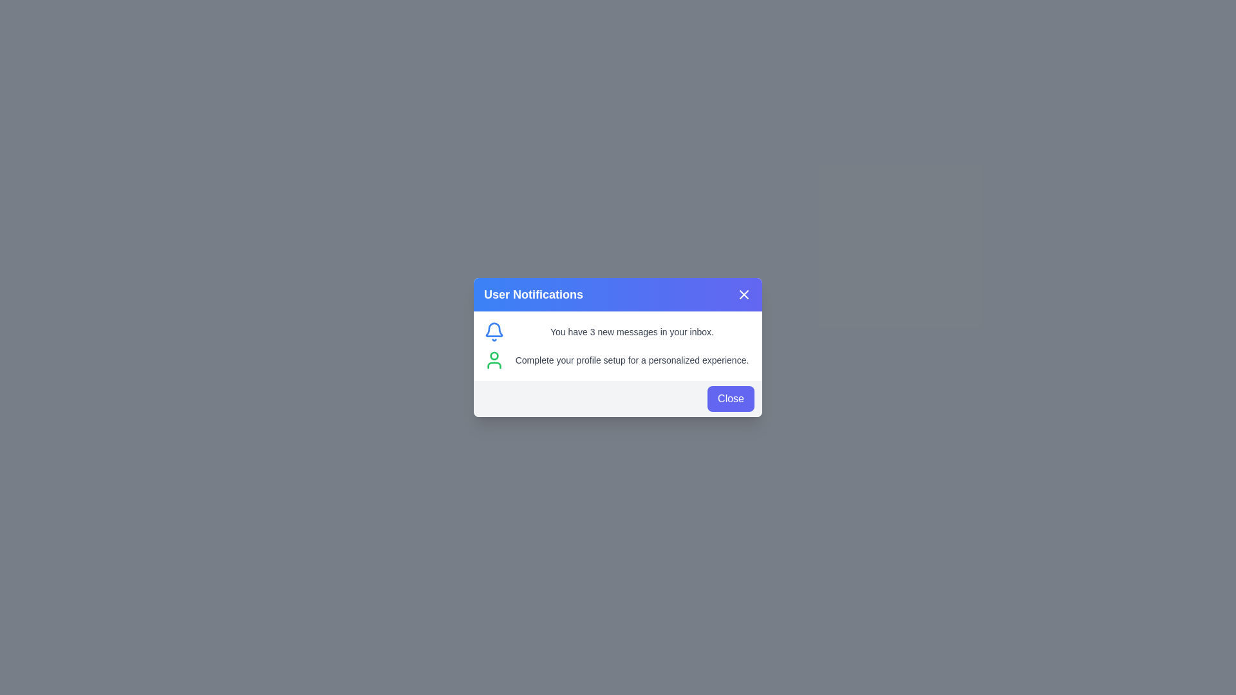 Image resolution: width=1236 pixels, height=695 pixels. I want to click on the decorative circular feature located at the topmost part of the user profile icon in the notification dialog, which enhances visual appeal or signifies information, so click(494, 355).